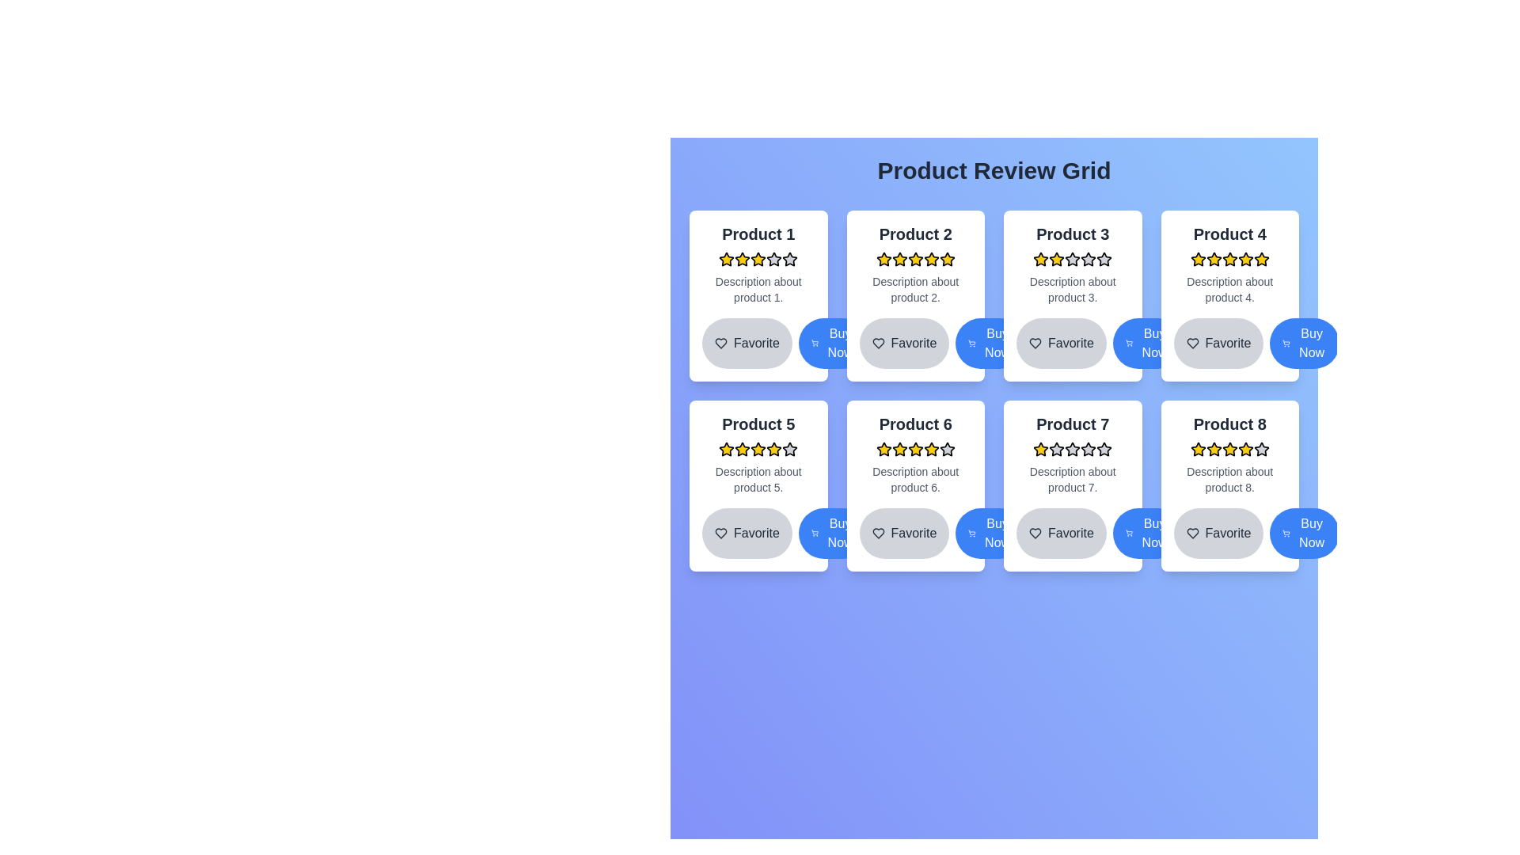 This screenshot has width=1520, height=855. I want to click on the yellow star-shaped icon in the rating system for Product 8, located in the second row and fourth column, so click(1244, 449).